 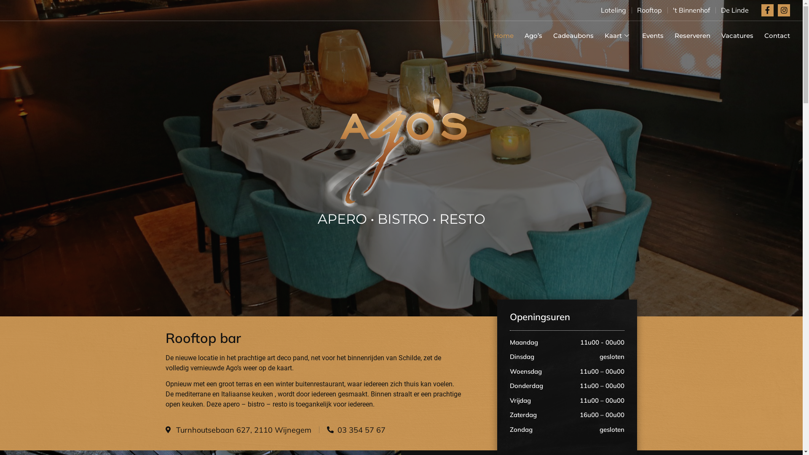 What do you see at coordinates (734, 10) in the screenshot?
I see `'De Linde'` at bounding box center [734, 10].